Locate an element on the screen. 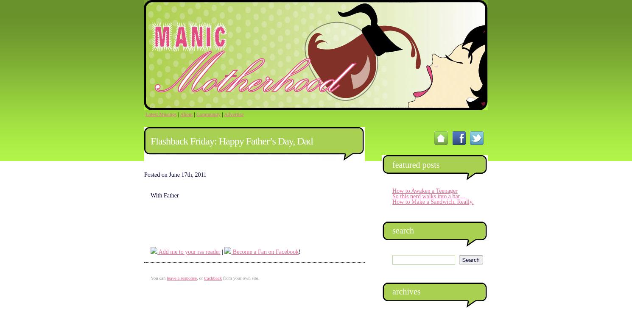 The image size is (632, 311). 'Add me to your rss reader' is located at coordinates (157, 252).